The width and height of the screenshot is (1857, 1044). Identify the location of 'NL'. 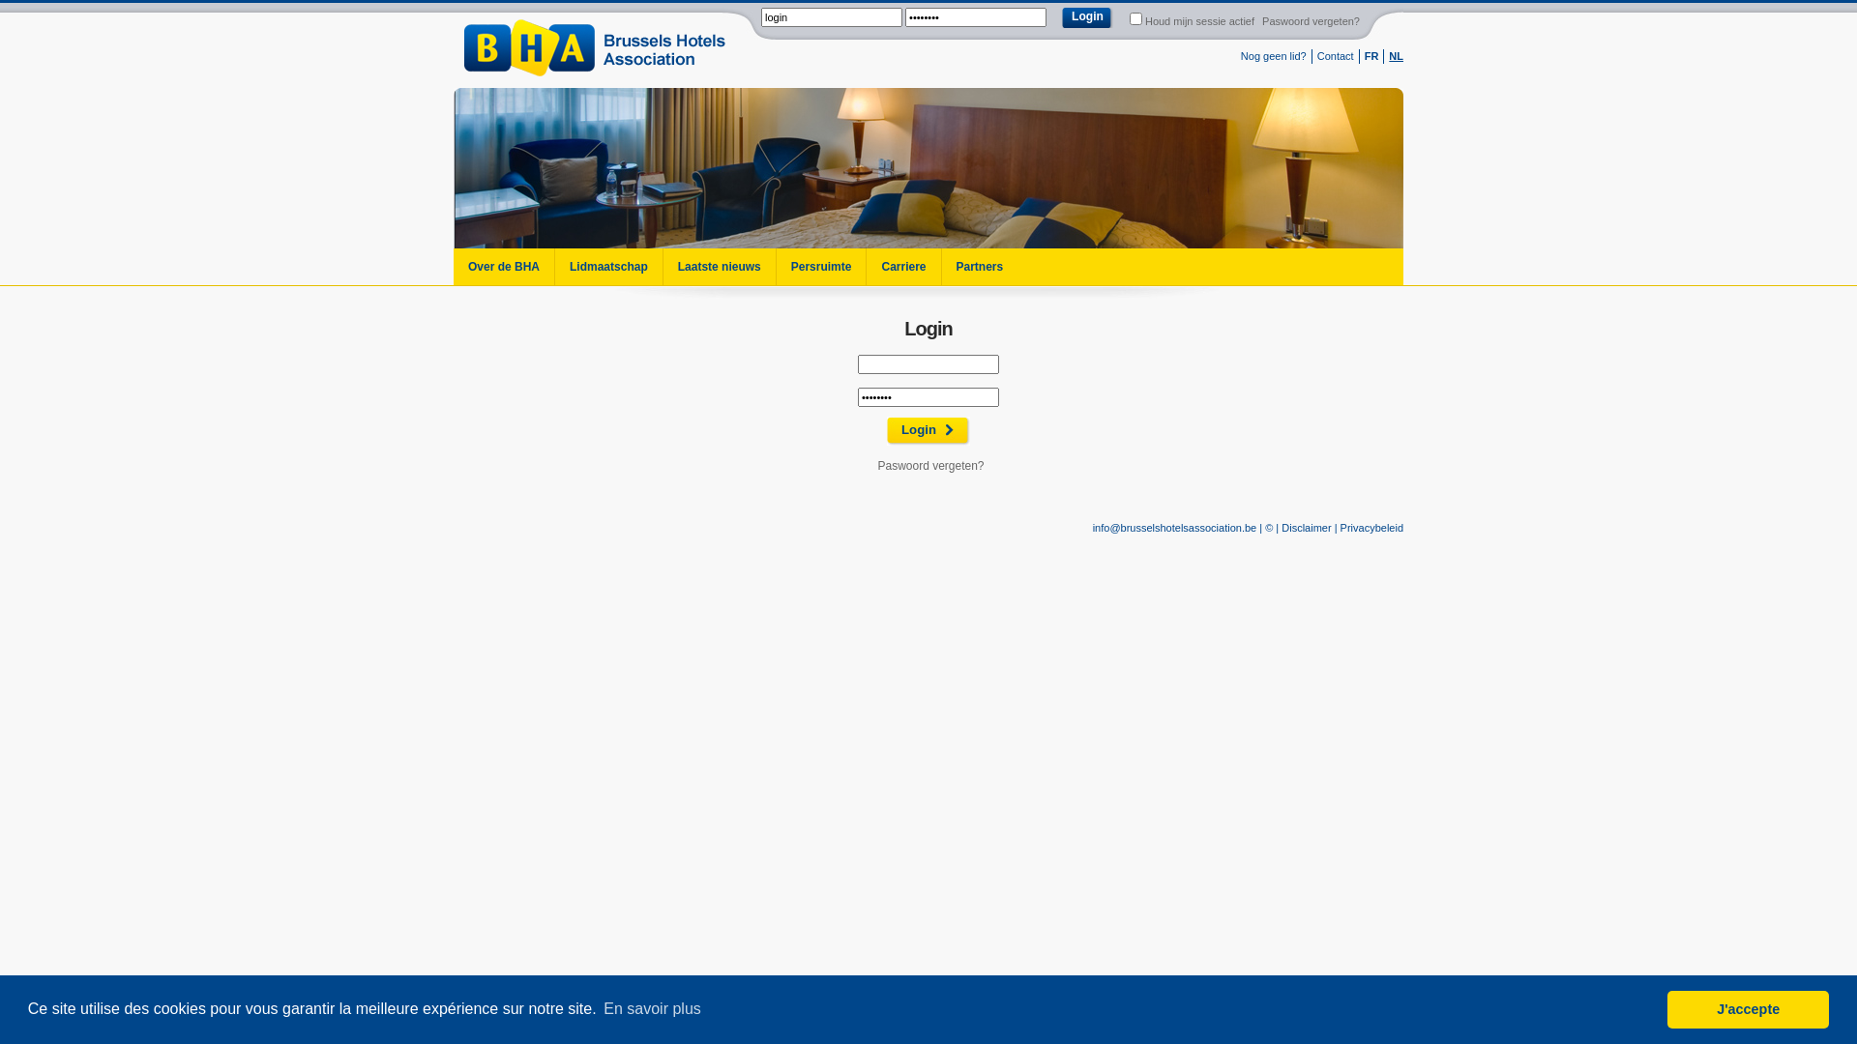
(1396, 54).